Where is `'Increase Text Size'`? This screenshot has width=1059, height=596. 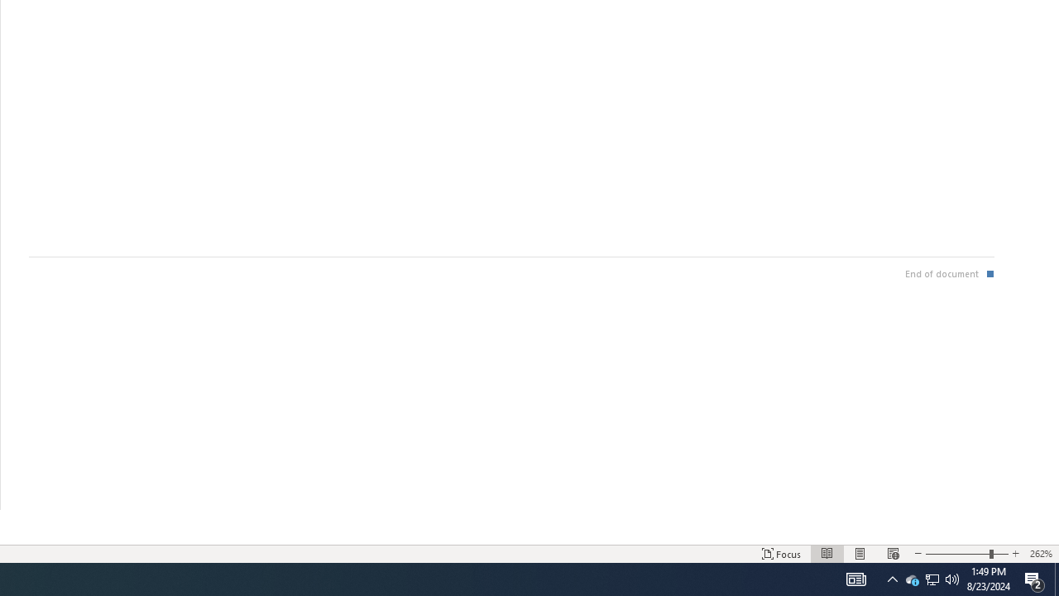
'Increase Text Size' is located at coordinates (1014, 554).